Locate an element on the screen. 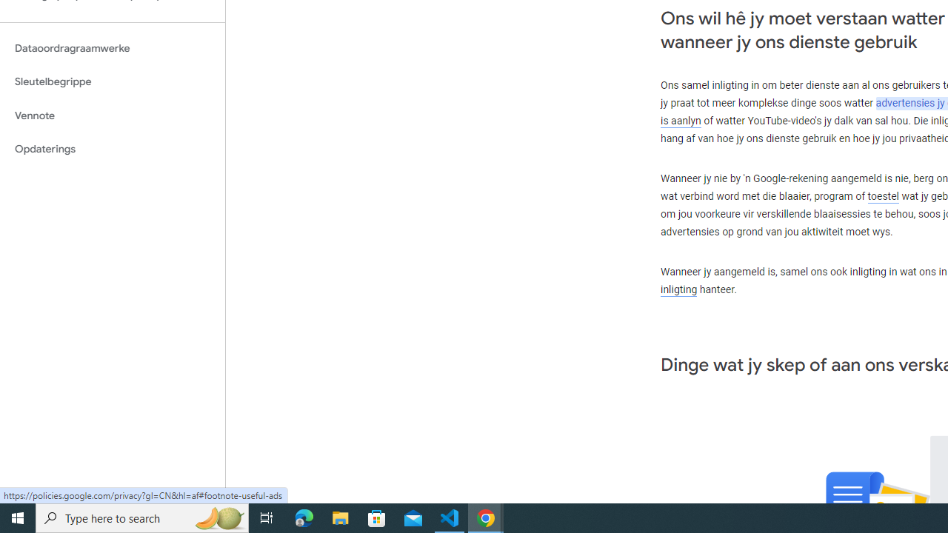  'Sleutelbegrippe' is located at coordinates (112, 81).